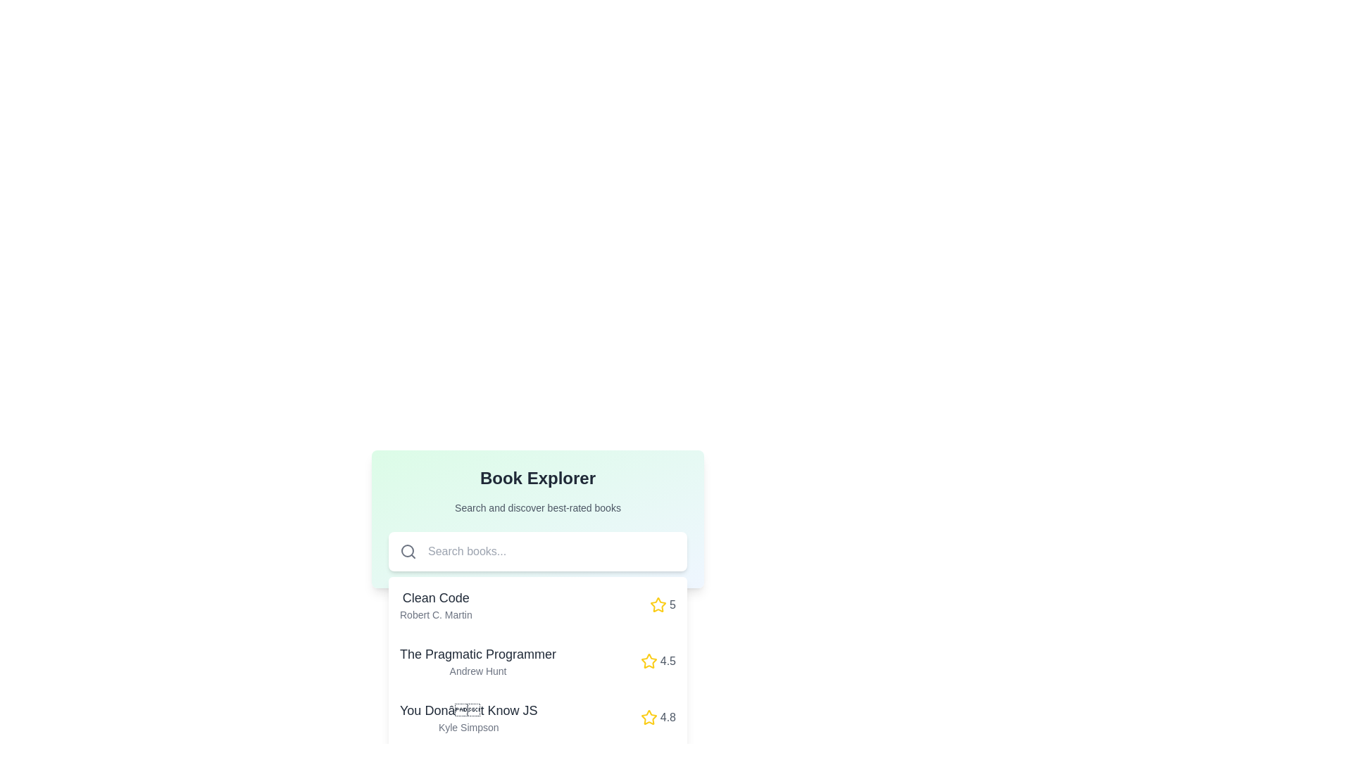 The image size is (1352, 760). What do you see at coordinates (435, 614) in the screenshot?
I see `static text label displaying the author of the book titled 'Clean Code', located directly below the title in the 'Book Explorer' section` at bounding box center [435, 614].